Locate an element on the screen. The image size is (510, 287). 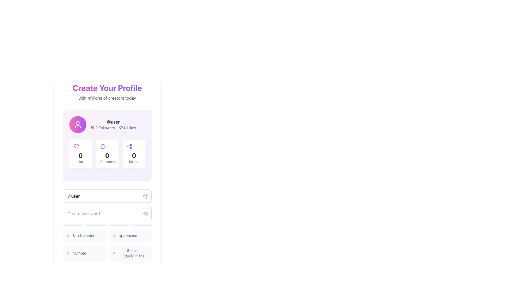
the static text label indicating the password requirement of having more than 8 characters, positioned in the third row beneath the 'Create password' input field is located at coordinates (84, 235).